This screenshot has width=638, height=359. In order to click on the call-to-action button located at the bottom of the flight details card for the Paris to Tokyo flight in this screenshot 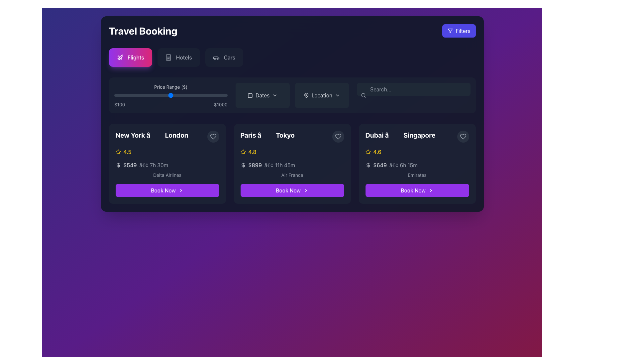, I will do `click(292, 190)`.